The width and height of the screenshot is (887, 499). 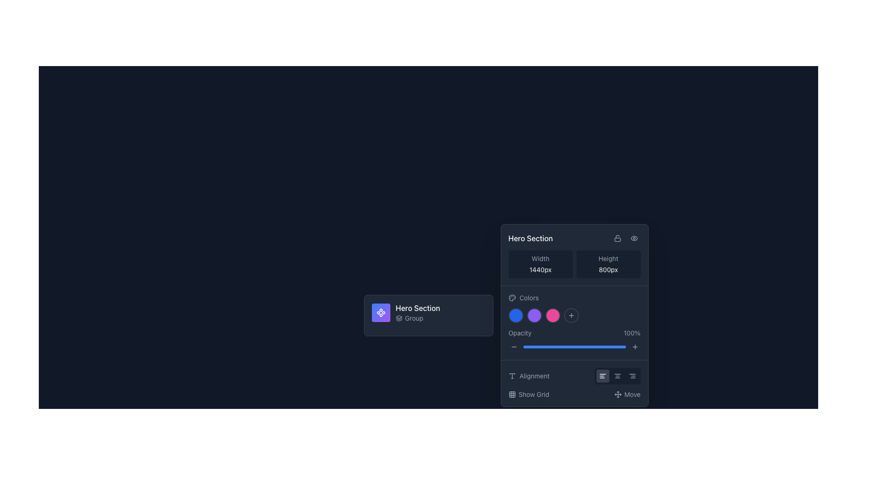 I want to click on the text label displaying 'Hero Section' in white color, positioned at the top-left of its group, so click(x=417, y=308).